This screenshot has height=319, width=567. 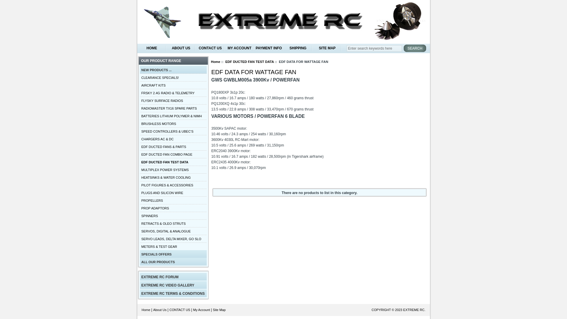 I want to click on 'EXTREME RC TERMS & CONDITIONS', so click(x=173, y=293).